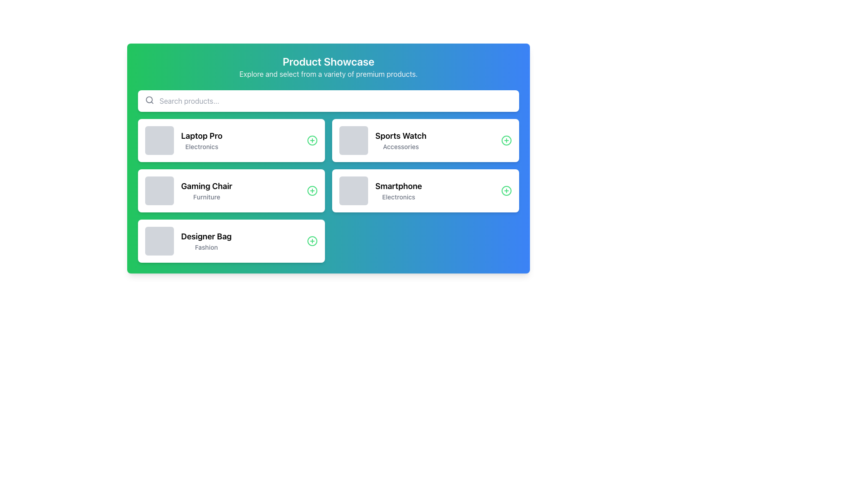 This screenshot has height=485, width=863. What do you see at coordinates (201, 146) in the screenshot?
I see `the text label displaying 'Electronics' located below the 'Laptop Pro' text label in the top-left section of the interface` at bounding box center [201, 146].